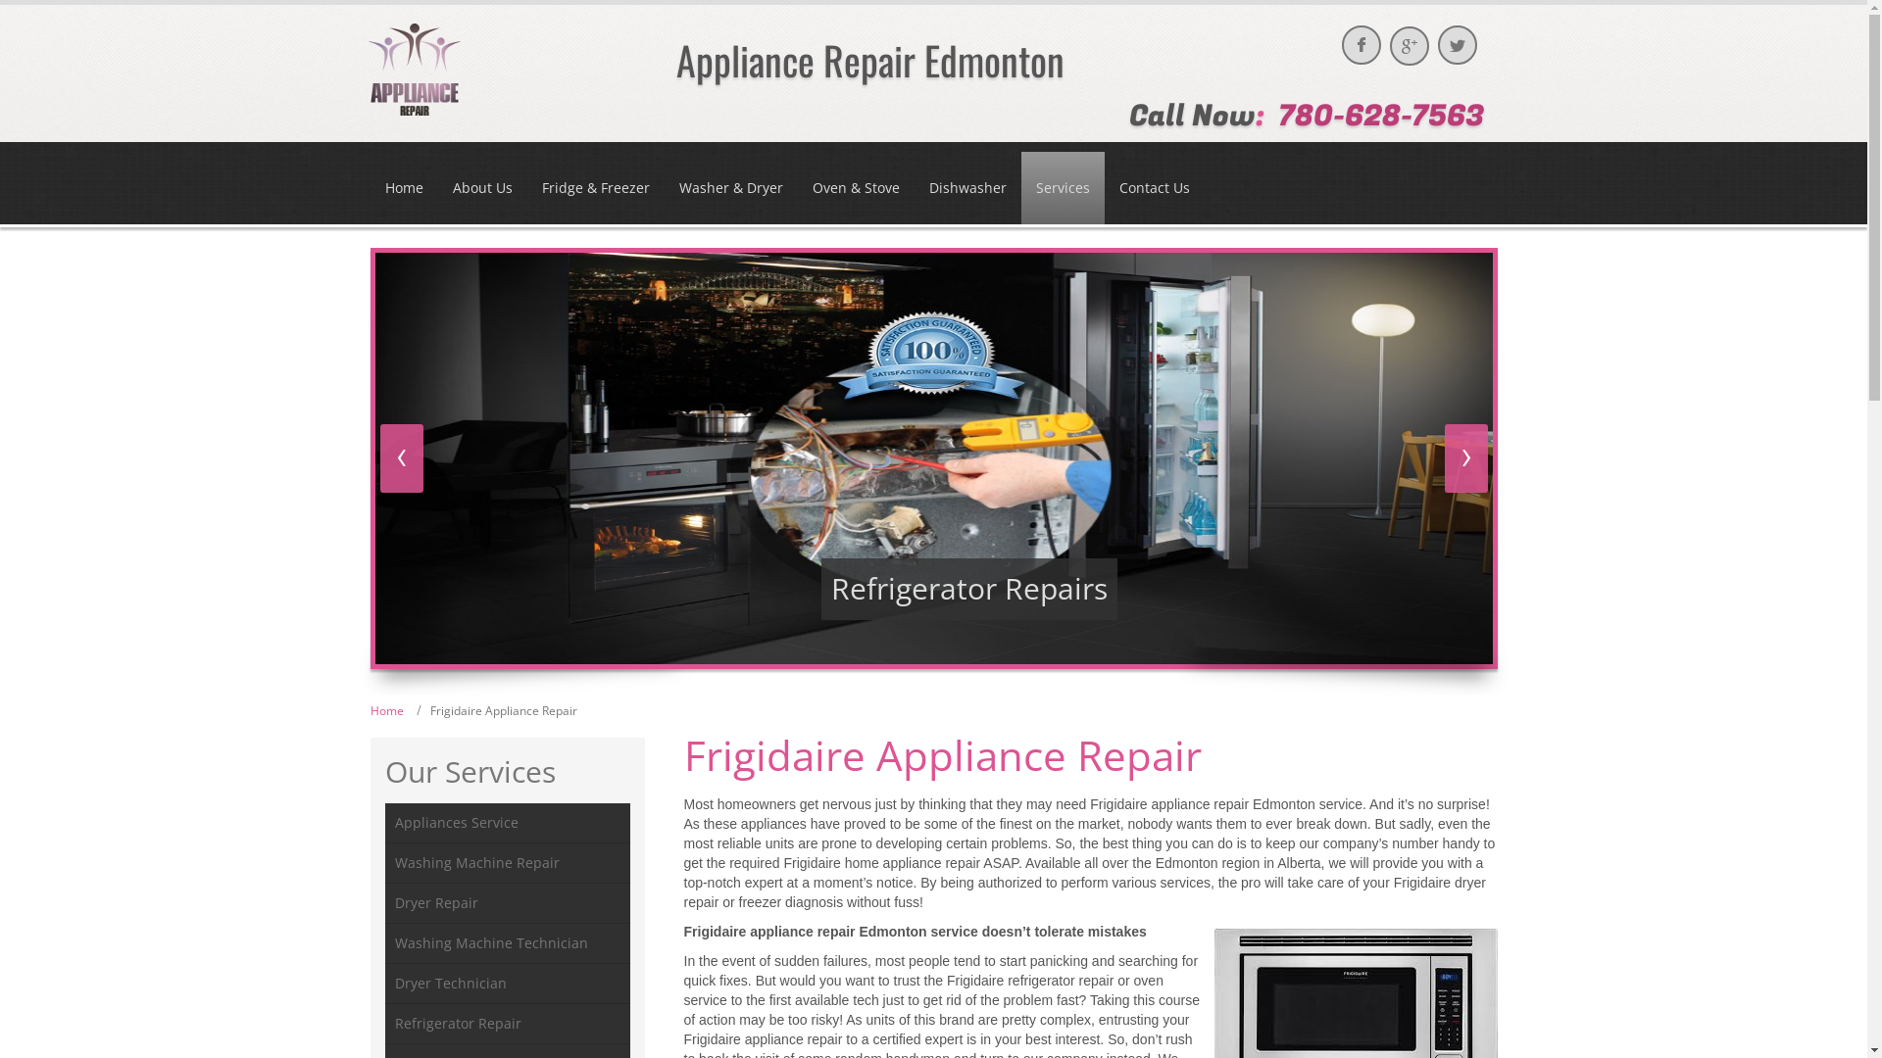 The height and width of the screenshot is (1058, 1882). Describe the element at coordinates (507, 984) in the screenshot. I see `'Dryer Technician'` at that location.